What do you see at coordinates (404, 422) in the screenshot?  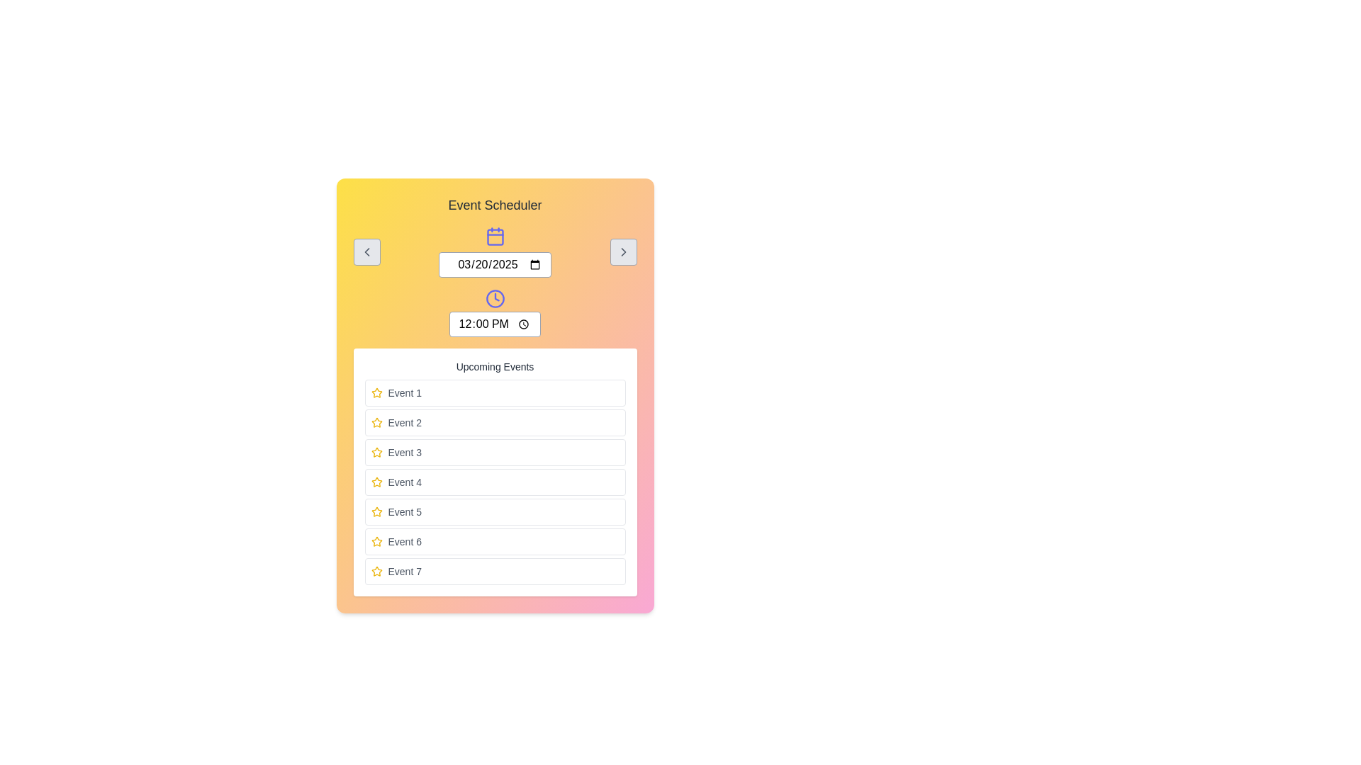 I see `the static text element reading 'Event 2', which is styled in a muted gray color and located next to a yellow star icon within the 'Upcoming Events' panel` at bounding box center [404, 422].